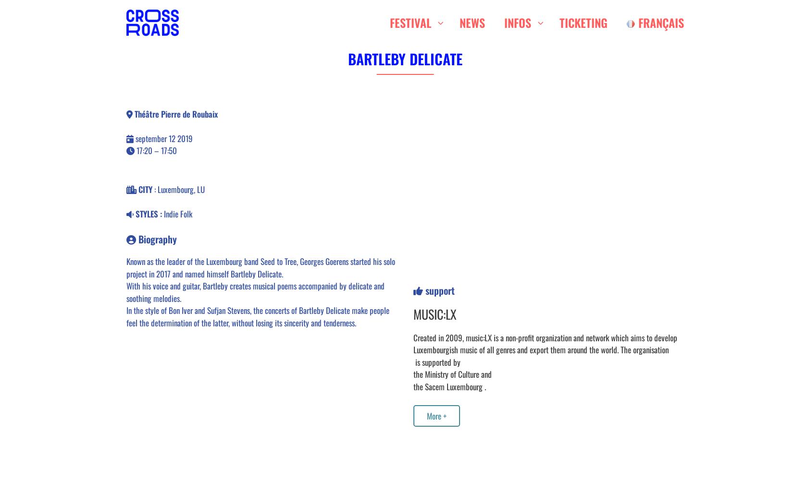 The height and width of the screenshot is (480, 810). Describe the element at coordinates (260, 267) in the screenshot. I see `'Known as the leader of the Luxembourg band Seed to Tree, Georges Goerens started his solo project in 2017 and named himself Bartleby Delicate.'` at that location.